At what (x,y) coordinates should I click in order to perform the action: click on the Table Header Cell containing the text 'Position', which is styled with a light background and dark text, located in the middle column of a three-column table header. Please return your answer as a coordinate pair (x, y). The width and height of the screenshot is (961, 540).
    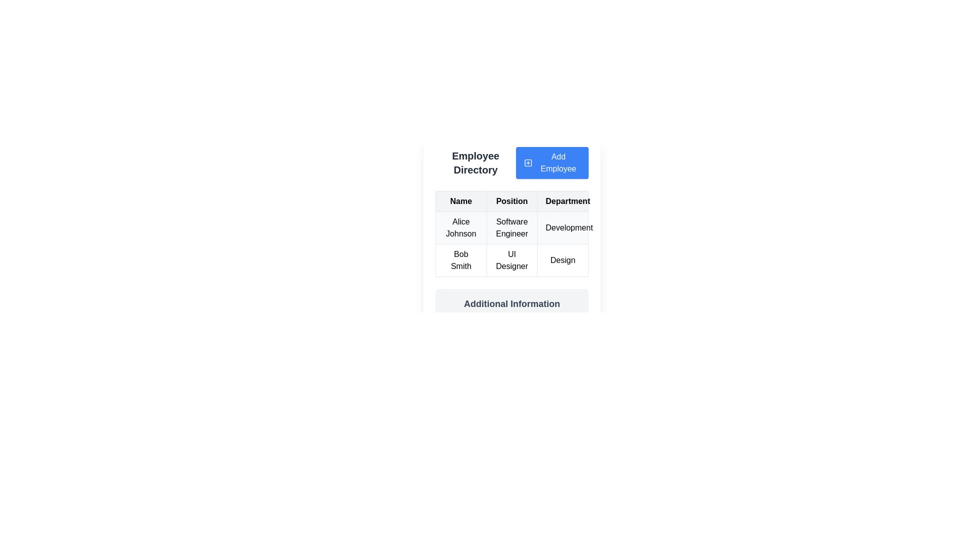
    Looking at the image, I should click on (512, 201).